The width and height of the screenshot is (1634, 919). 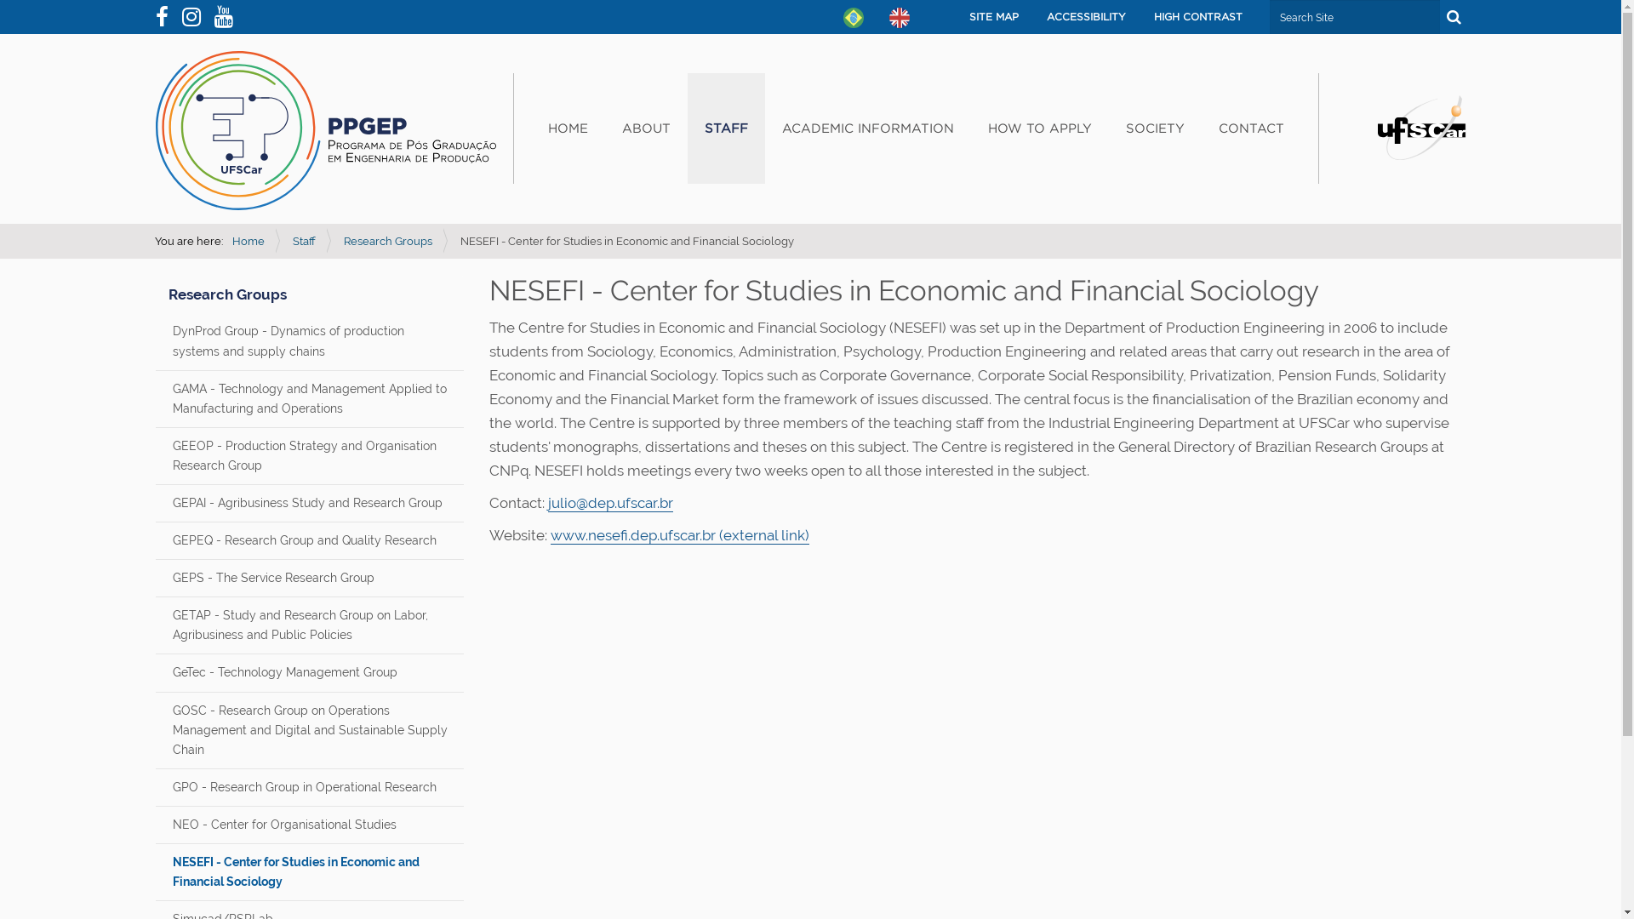 What do you see at coordinates (1354, 16) in the screenshot?
I see `'Search Site'` at bounding box center [1354, 16].